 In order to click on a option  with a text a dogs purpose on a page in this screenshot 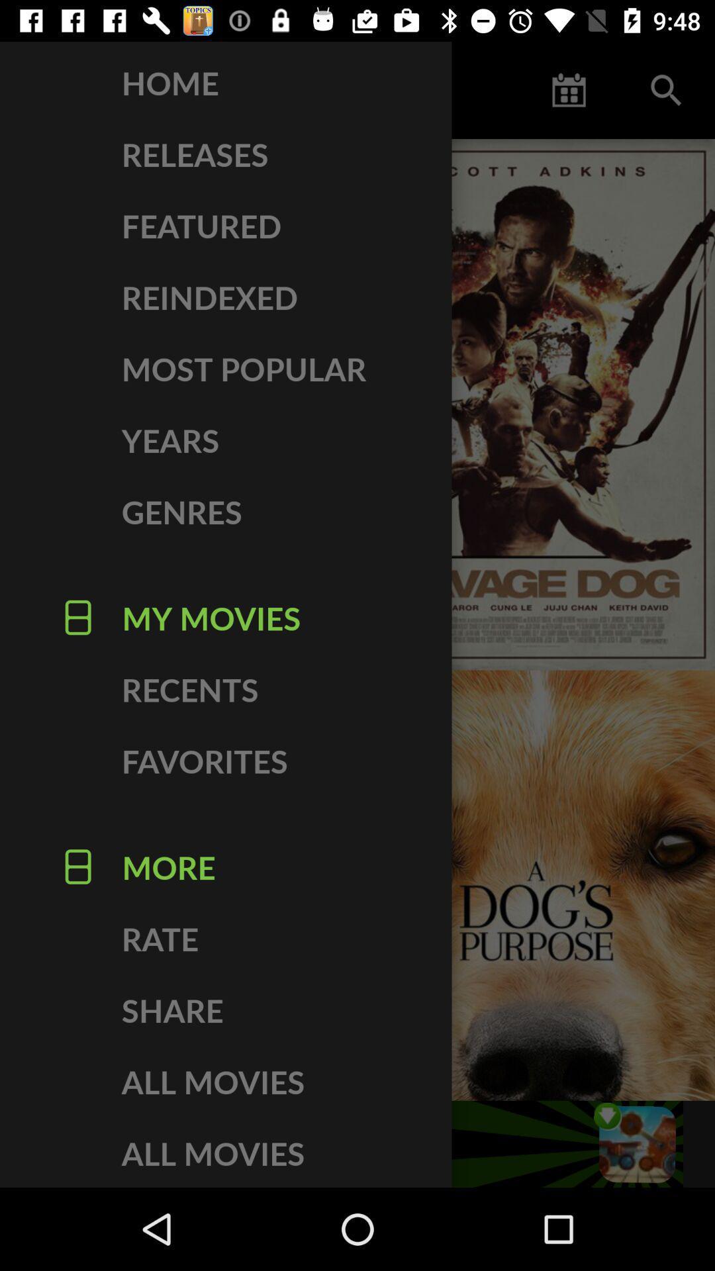, I will do `click(536, 886)`.